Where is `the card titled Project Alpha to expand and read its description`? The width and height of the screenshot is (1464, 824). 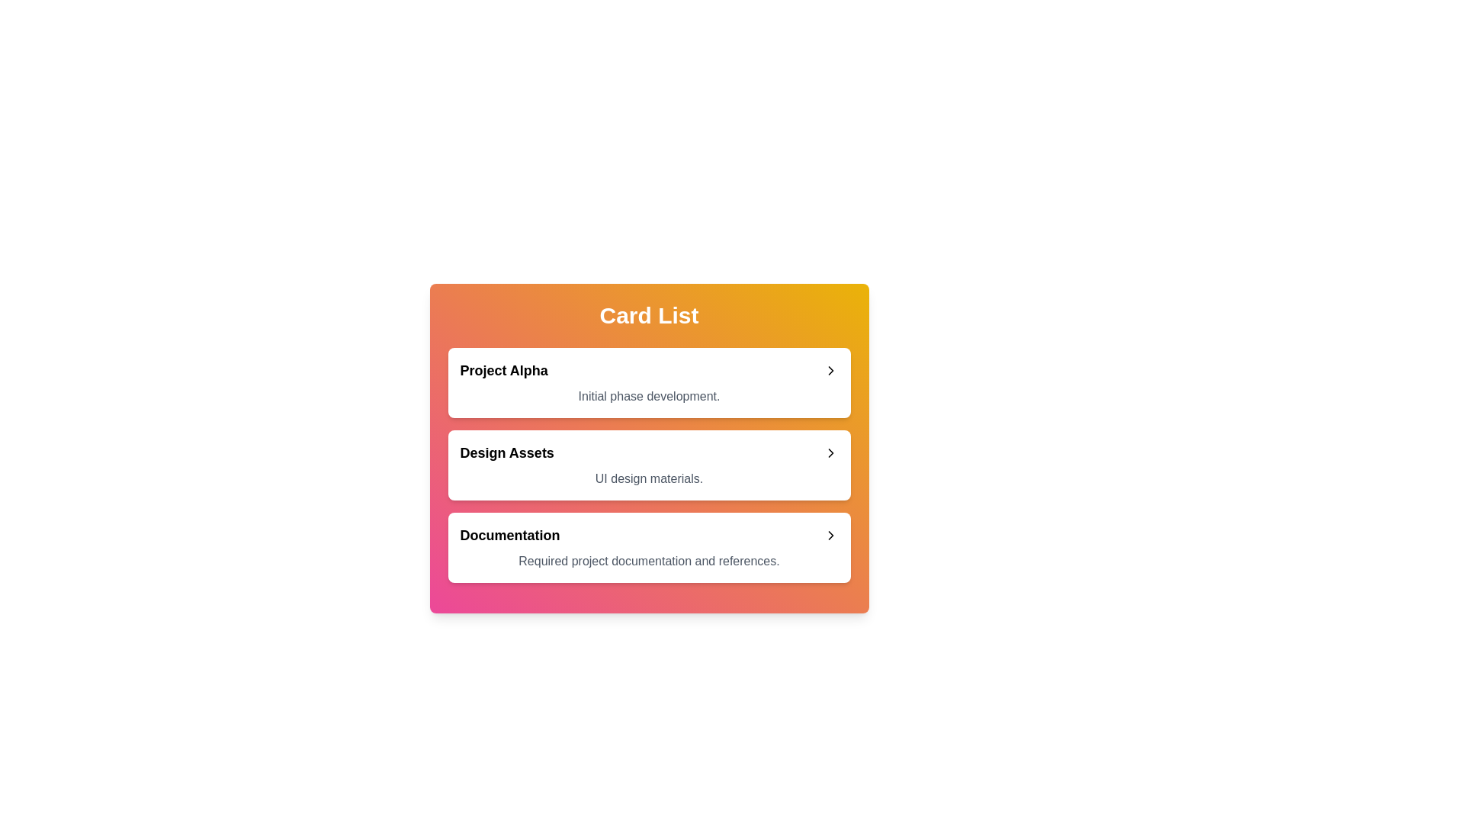 the card titled Project Alpha to expand and read its description is located at coordinates (649, 381).